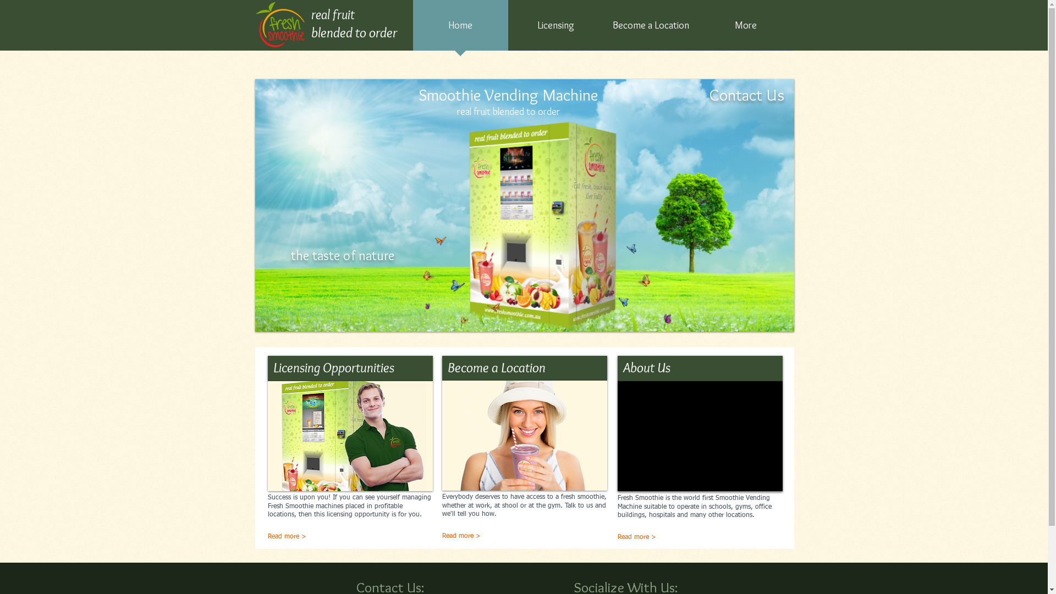 The image size is (1056, 594). I want to click on 'External YouTube', so click(699, 436).